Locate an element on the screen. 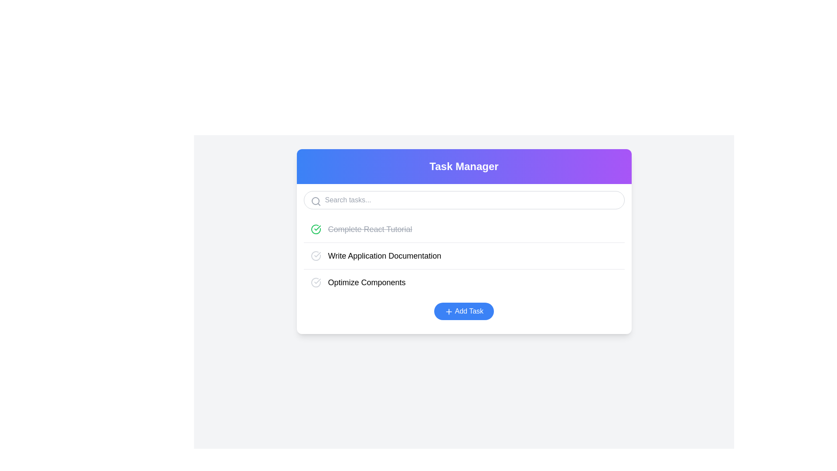 This screenshot has width=837, height=471. the task entries in the task management application's task list, which is located below the search bar and above the 'Add Task' button is located at coordinates (463, 255).